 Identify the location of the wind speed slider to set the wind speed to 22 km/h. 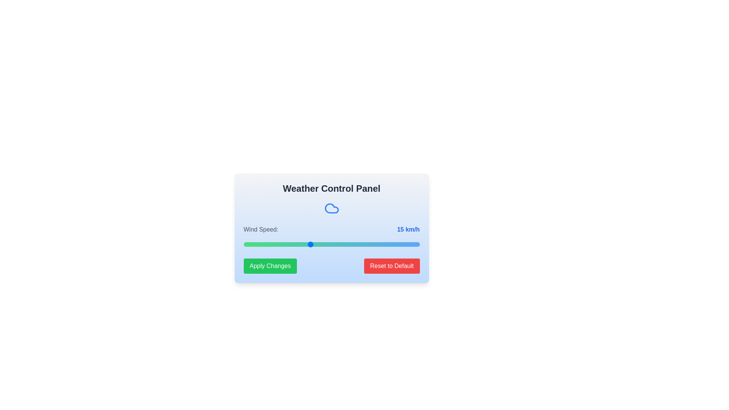
(340, 244).